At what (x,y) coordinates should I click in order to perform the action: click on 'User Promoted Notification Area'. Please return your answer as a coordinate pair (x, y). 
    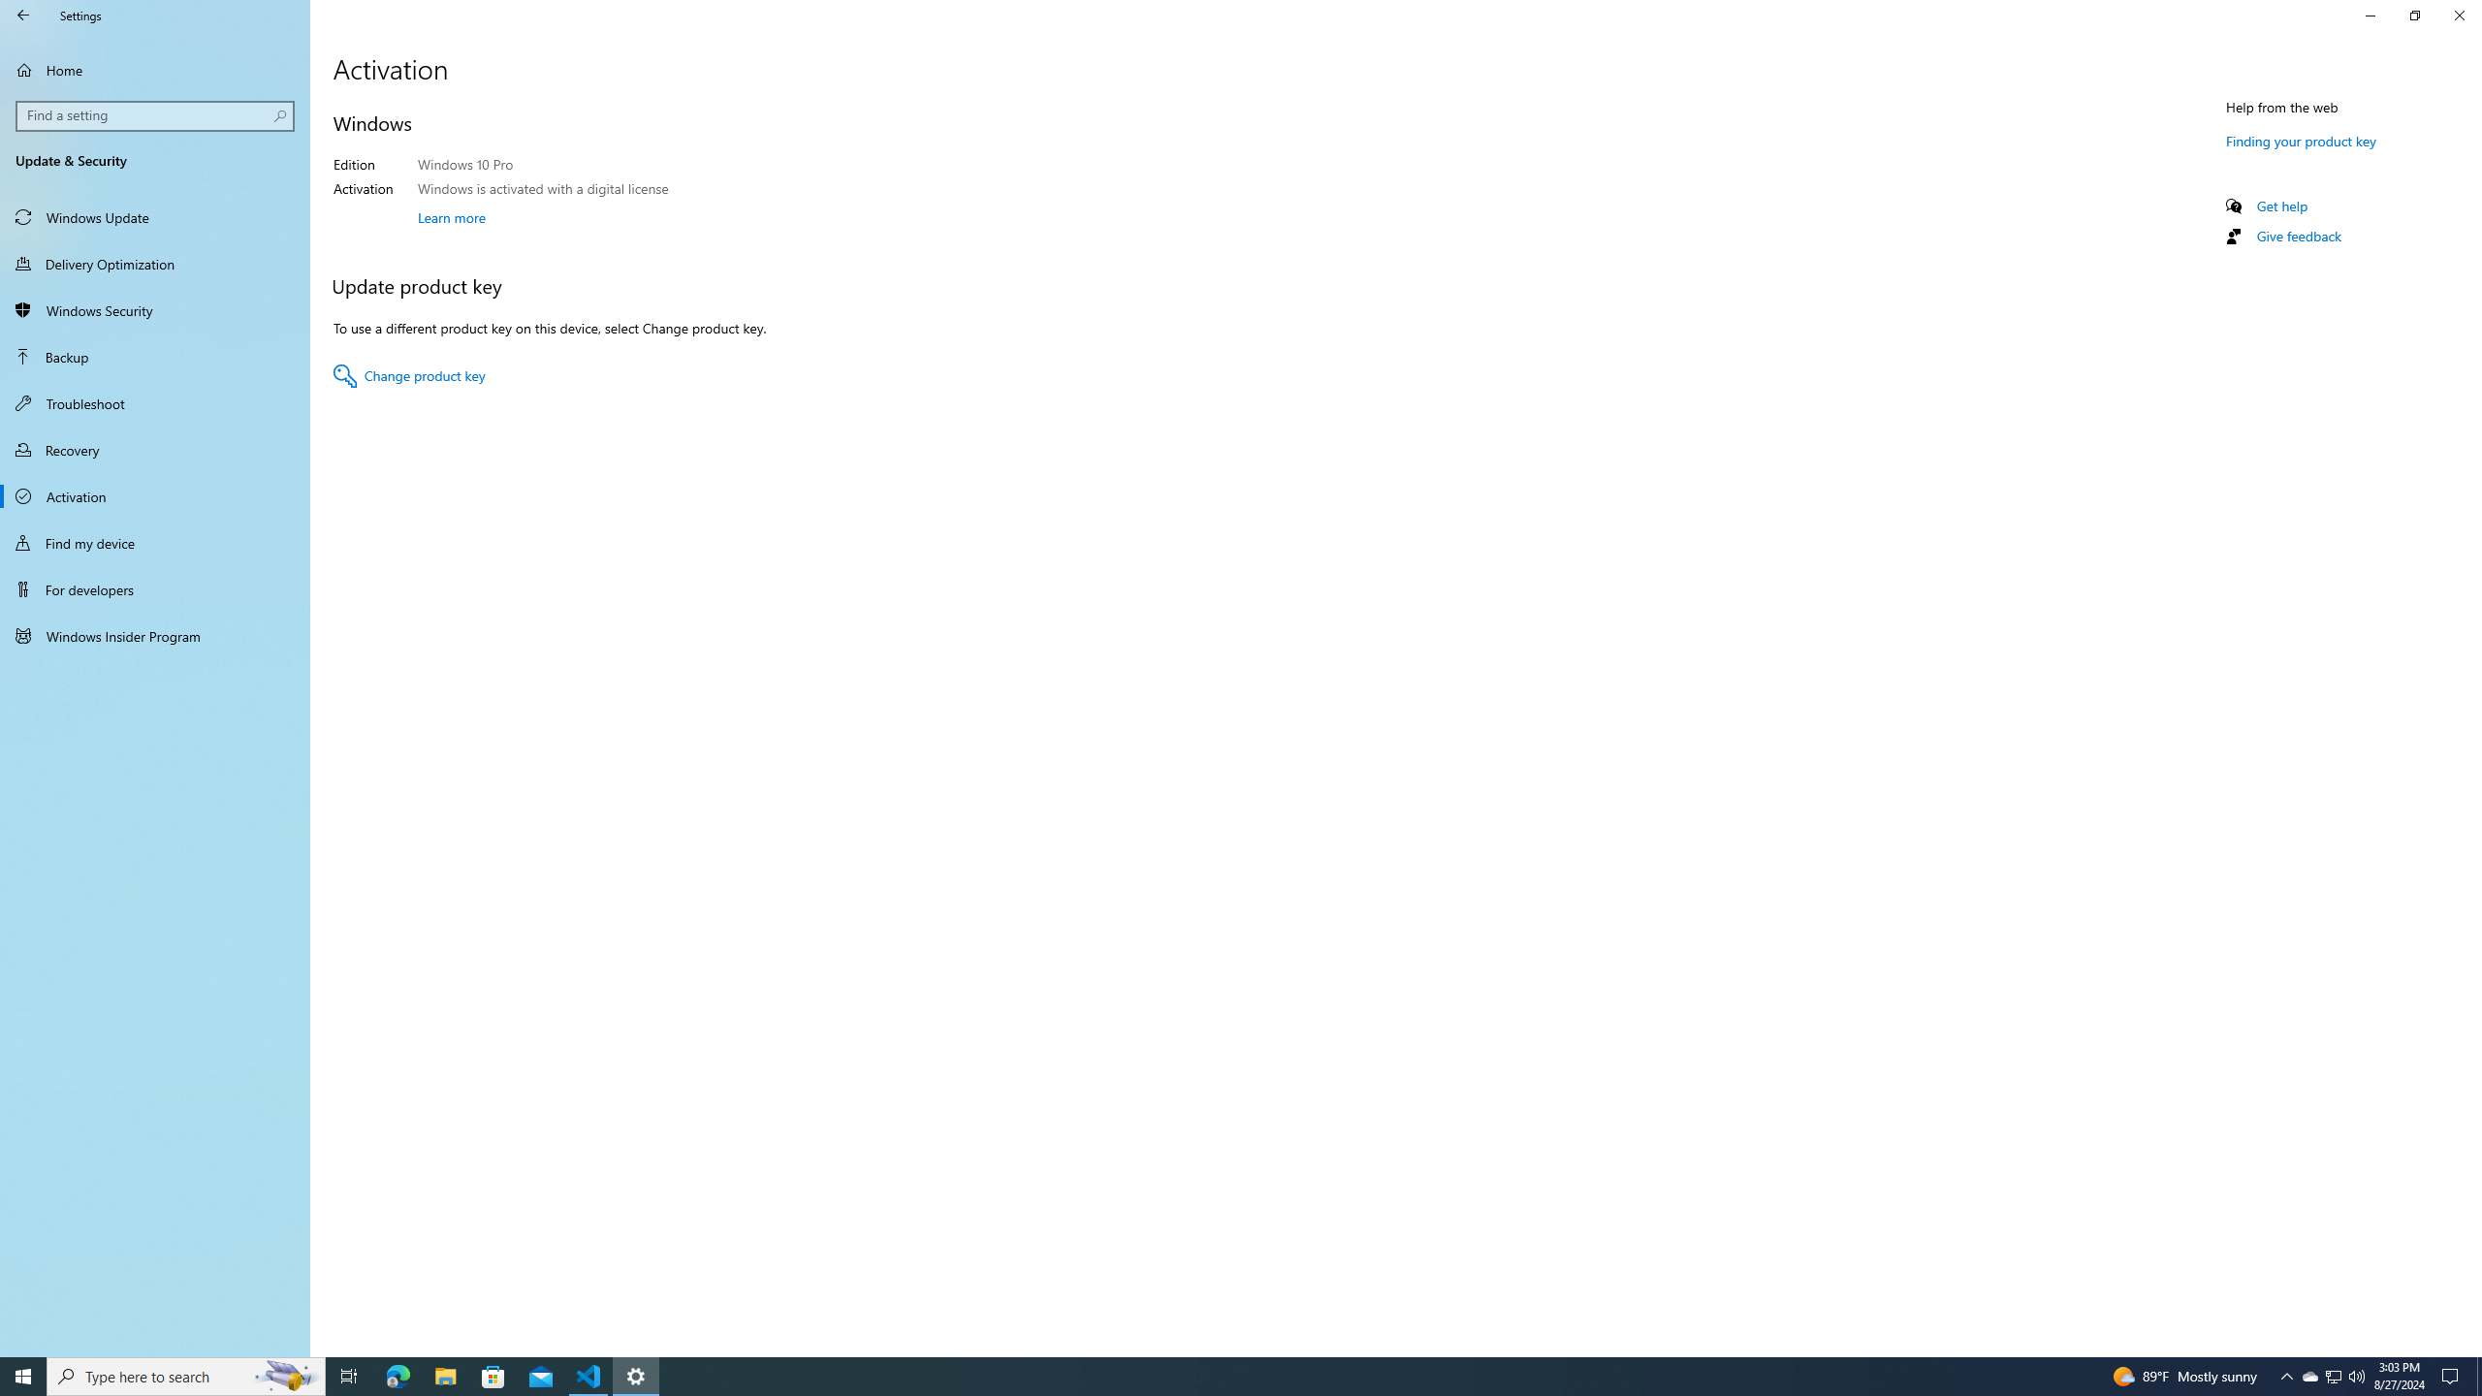
    Looking at the image, I should click on (2332, 1375).